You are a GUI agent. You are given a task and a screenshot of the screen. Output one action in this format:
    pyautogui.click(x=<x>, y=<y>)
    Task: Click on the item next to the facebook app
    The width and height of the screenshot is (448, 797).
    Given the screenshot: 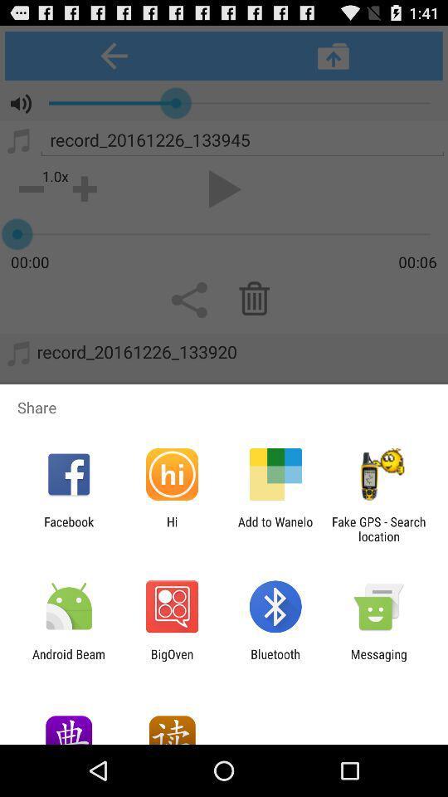 What is the action you would take?
    pyautogui.click(x=171, y=528)
    